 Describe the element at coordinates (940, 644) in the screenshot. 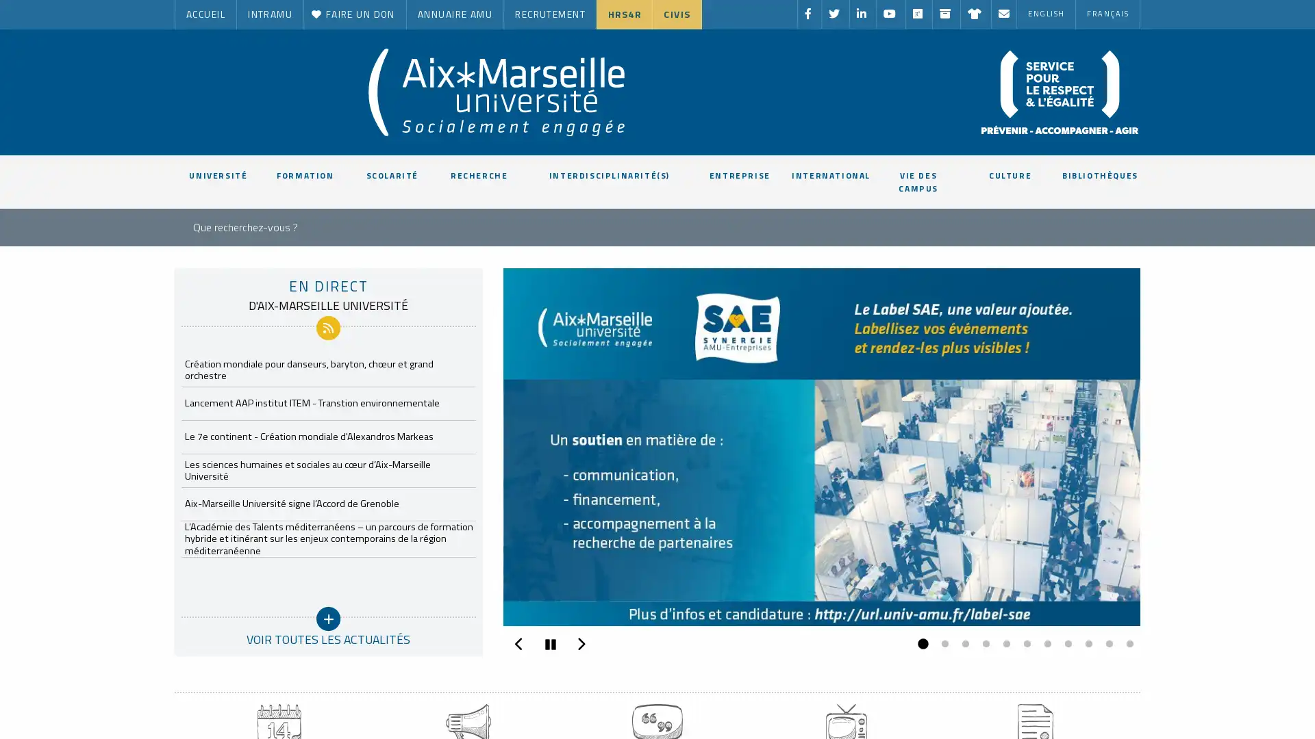

I see `Go to slide 2` at that location.